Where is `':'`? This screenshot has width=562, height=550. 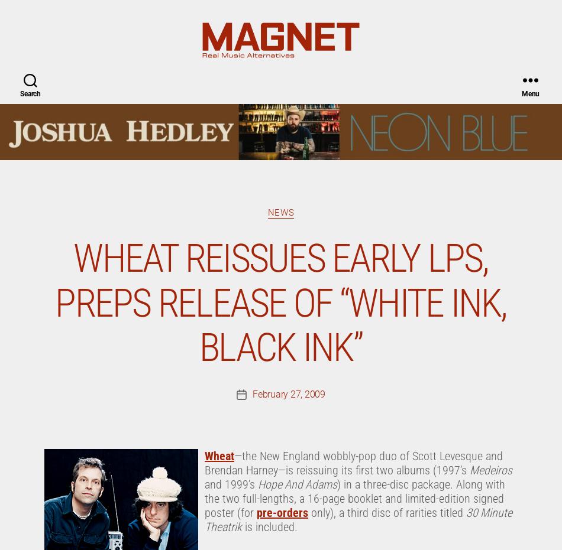 ':' is located at coordinates (184, 382).